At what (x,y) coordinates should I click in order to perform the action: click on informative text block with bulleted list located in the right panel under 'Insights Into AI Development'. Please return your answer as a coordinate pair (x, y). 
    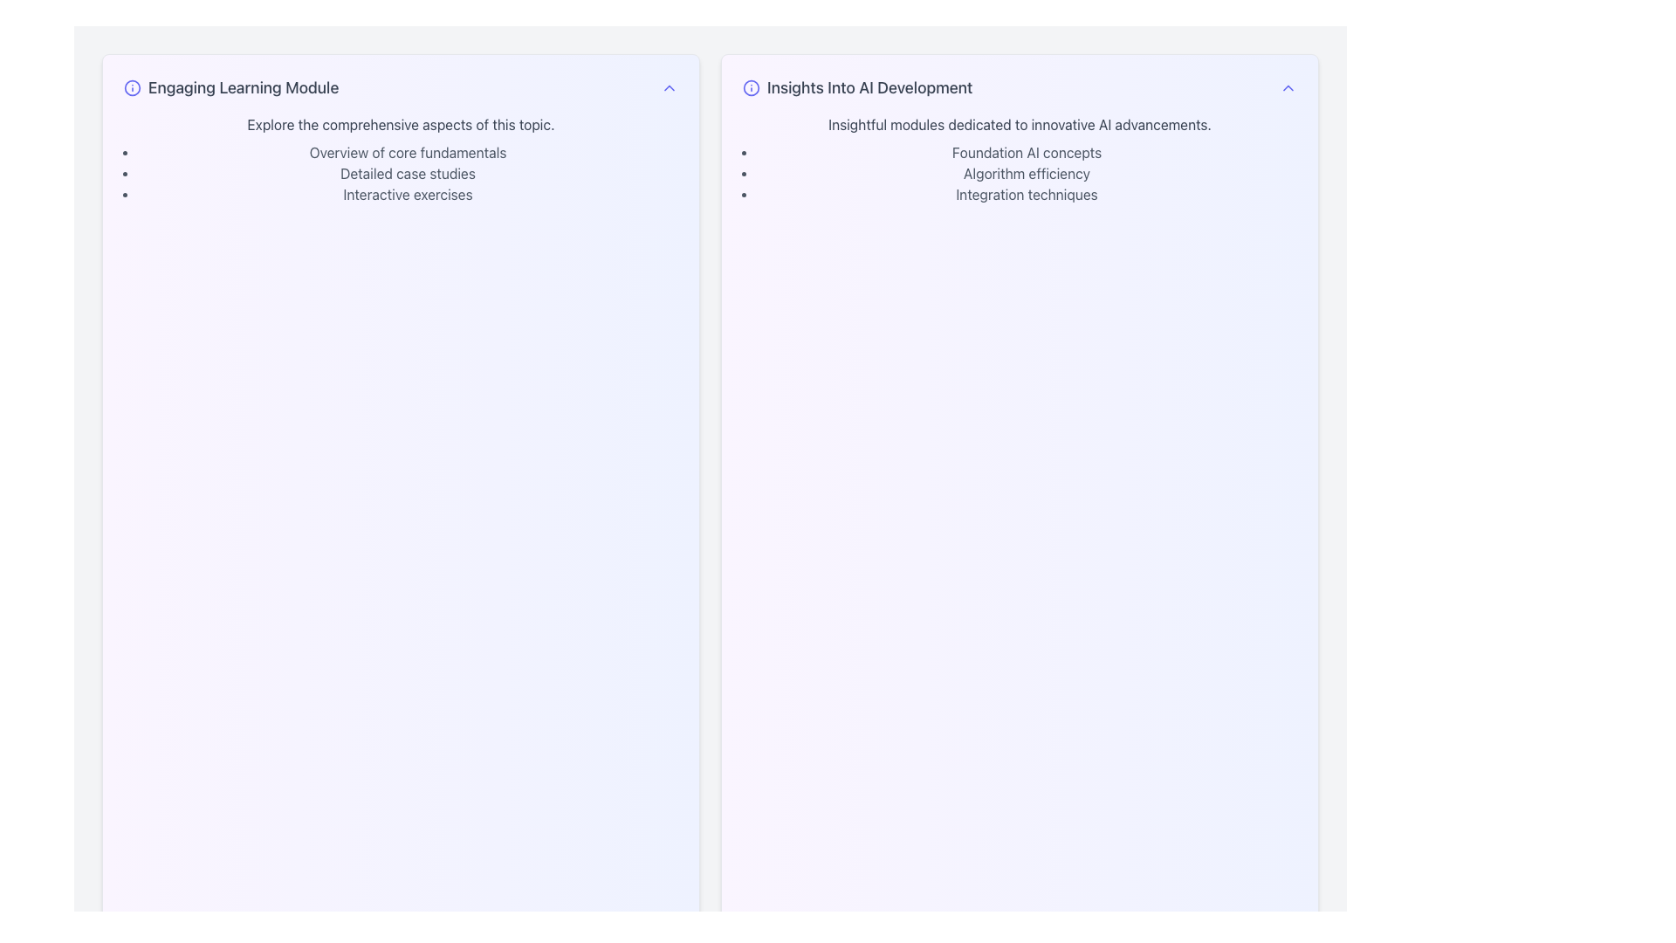
    Looking at the image, I should click on (1020, 159).